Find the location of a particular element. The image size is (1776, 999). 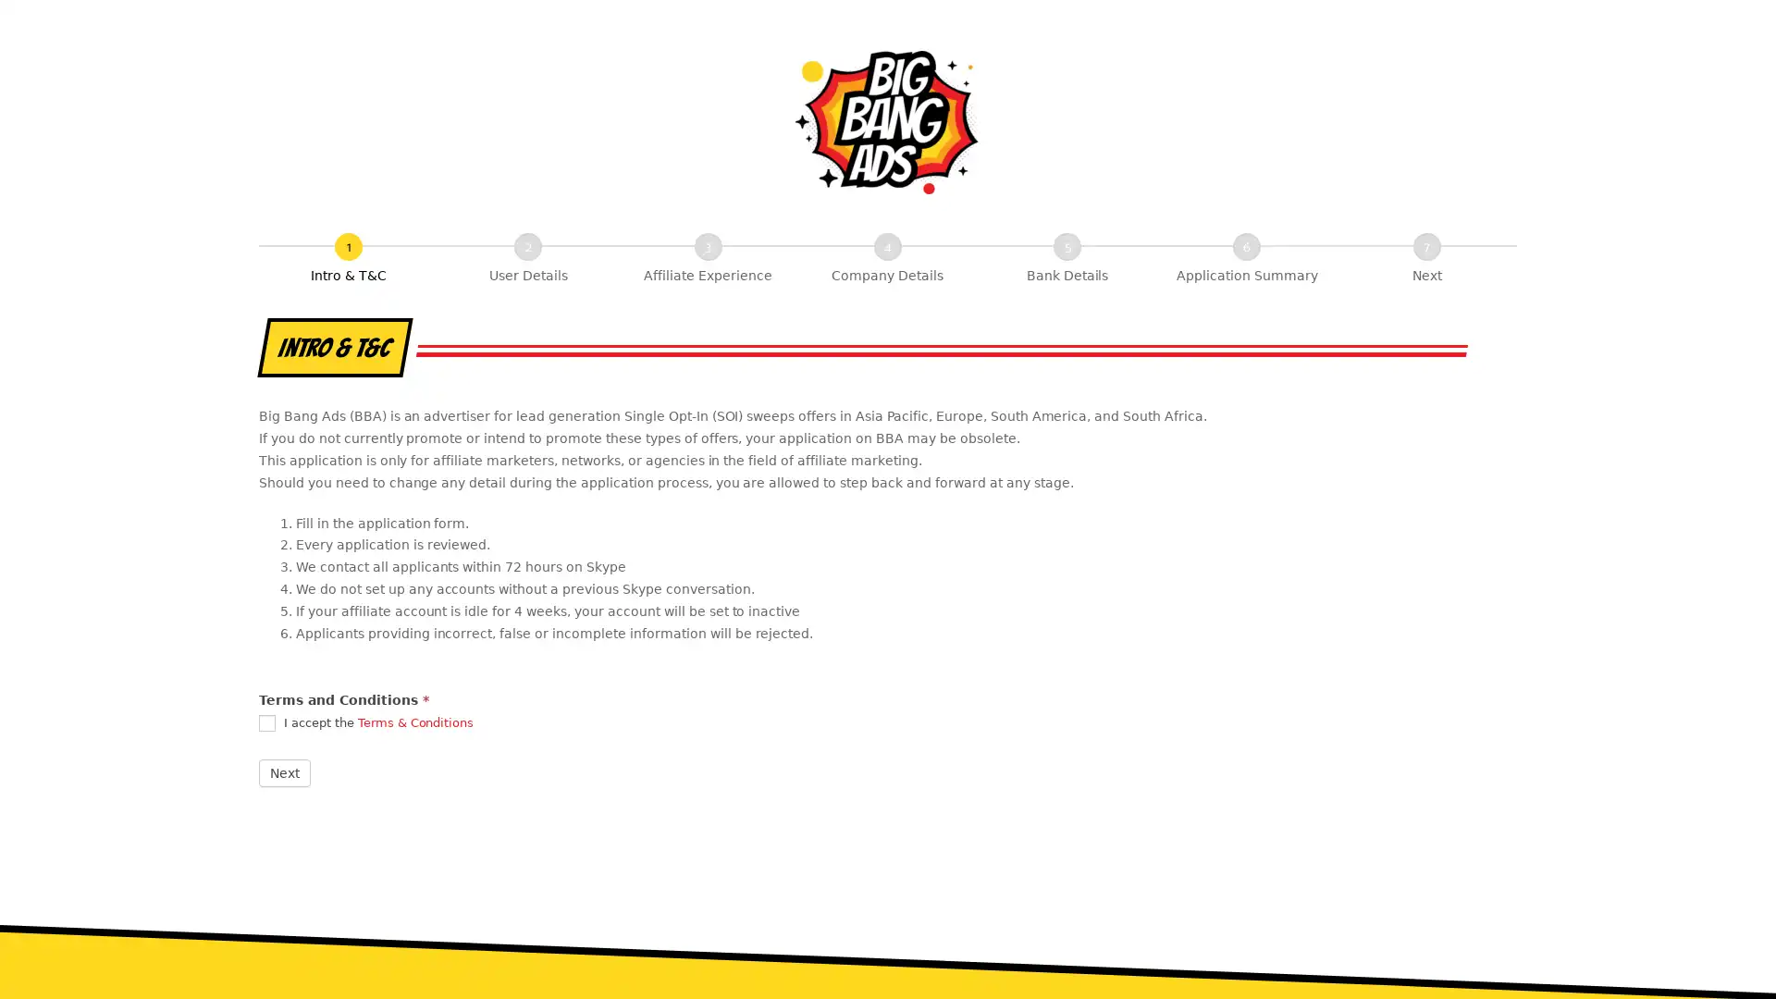

Application Summary is located at coordinates (1247, 245).